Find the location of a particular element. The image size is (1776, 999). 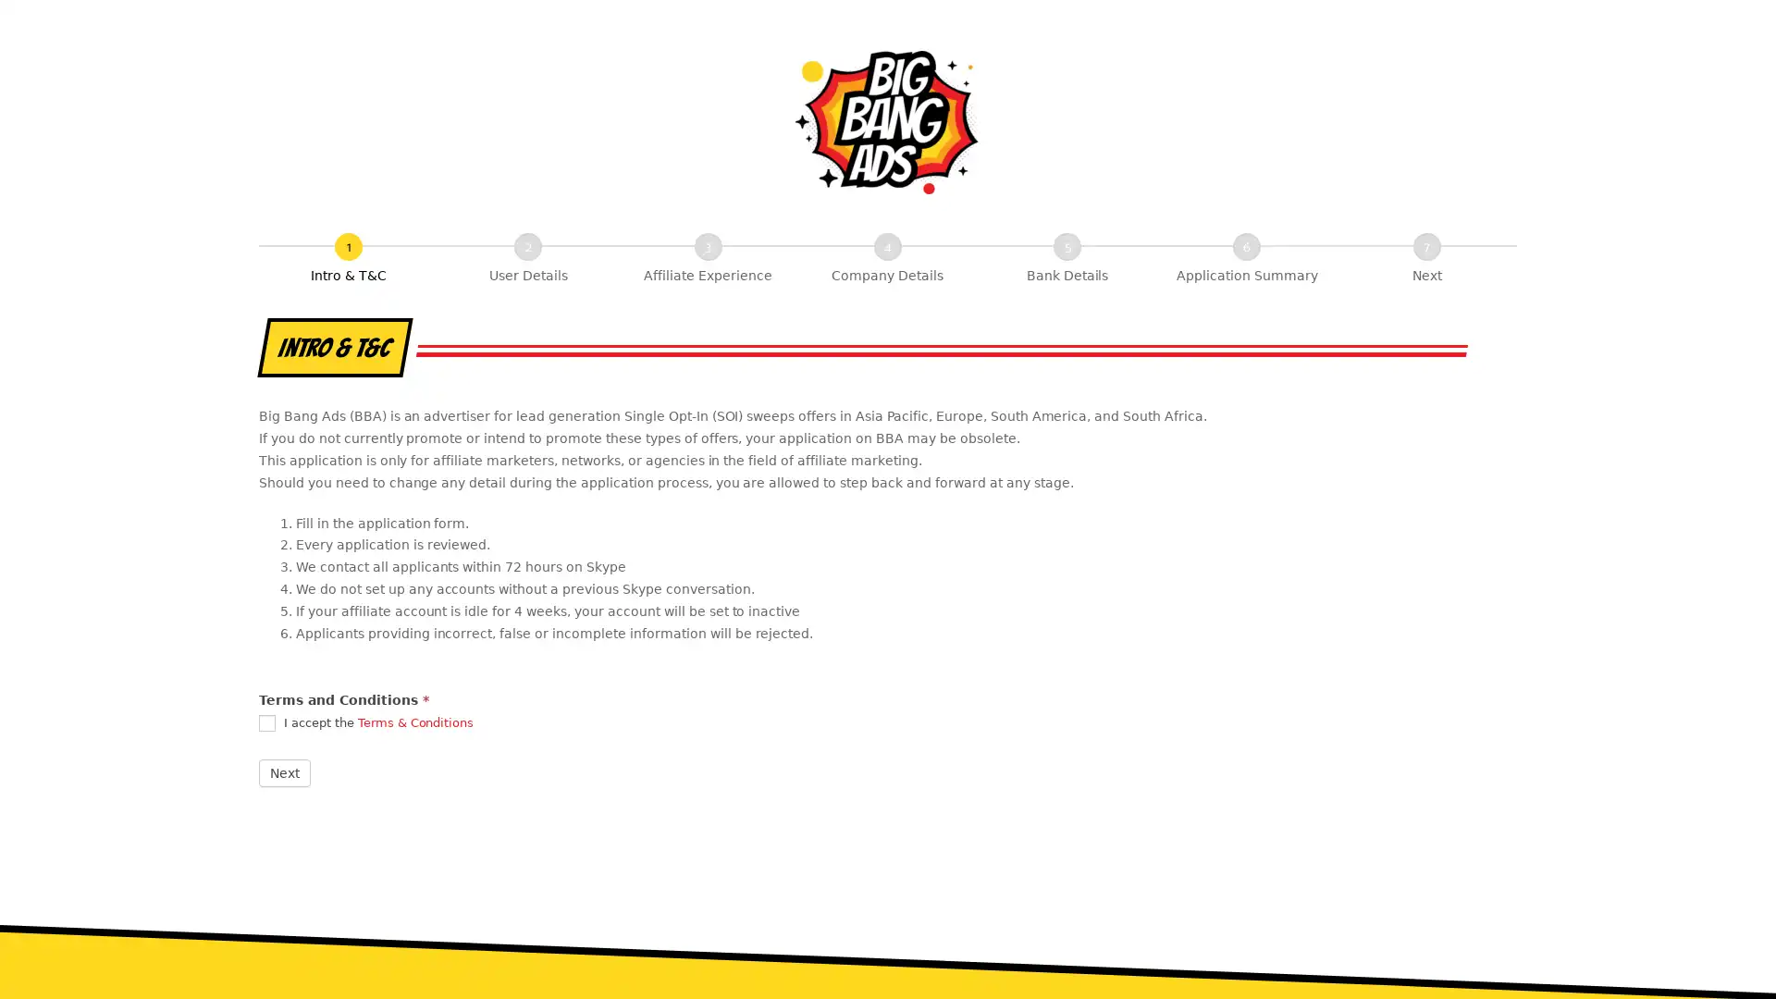

Application Summary is located at coordinates (1247, 245).